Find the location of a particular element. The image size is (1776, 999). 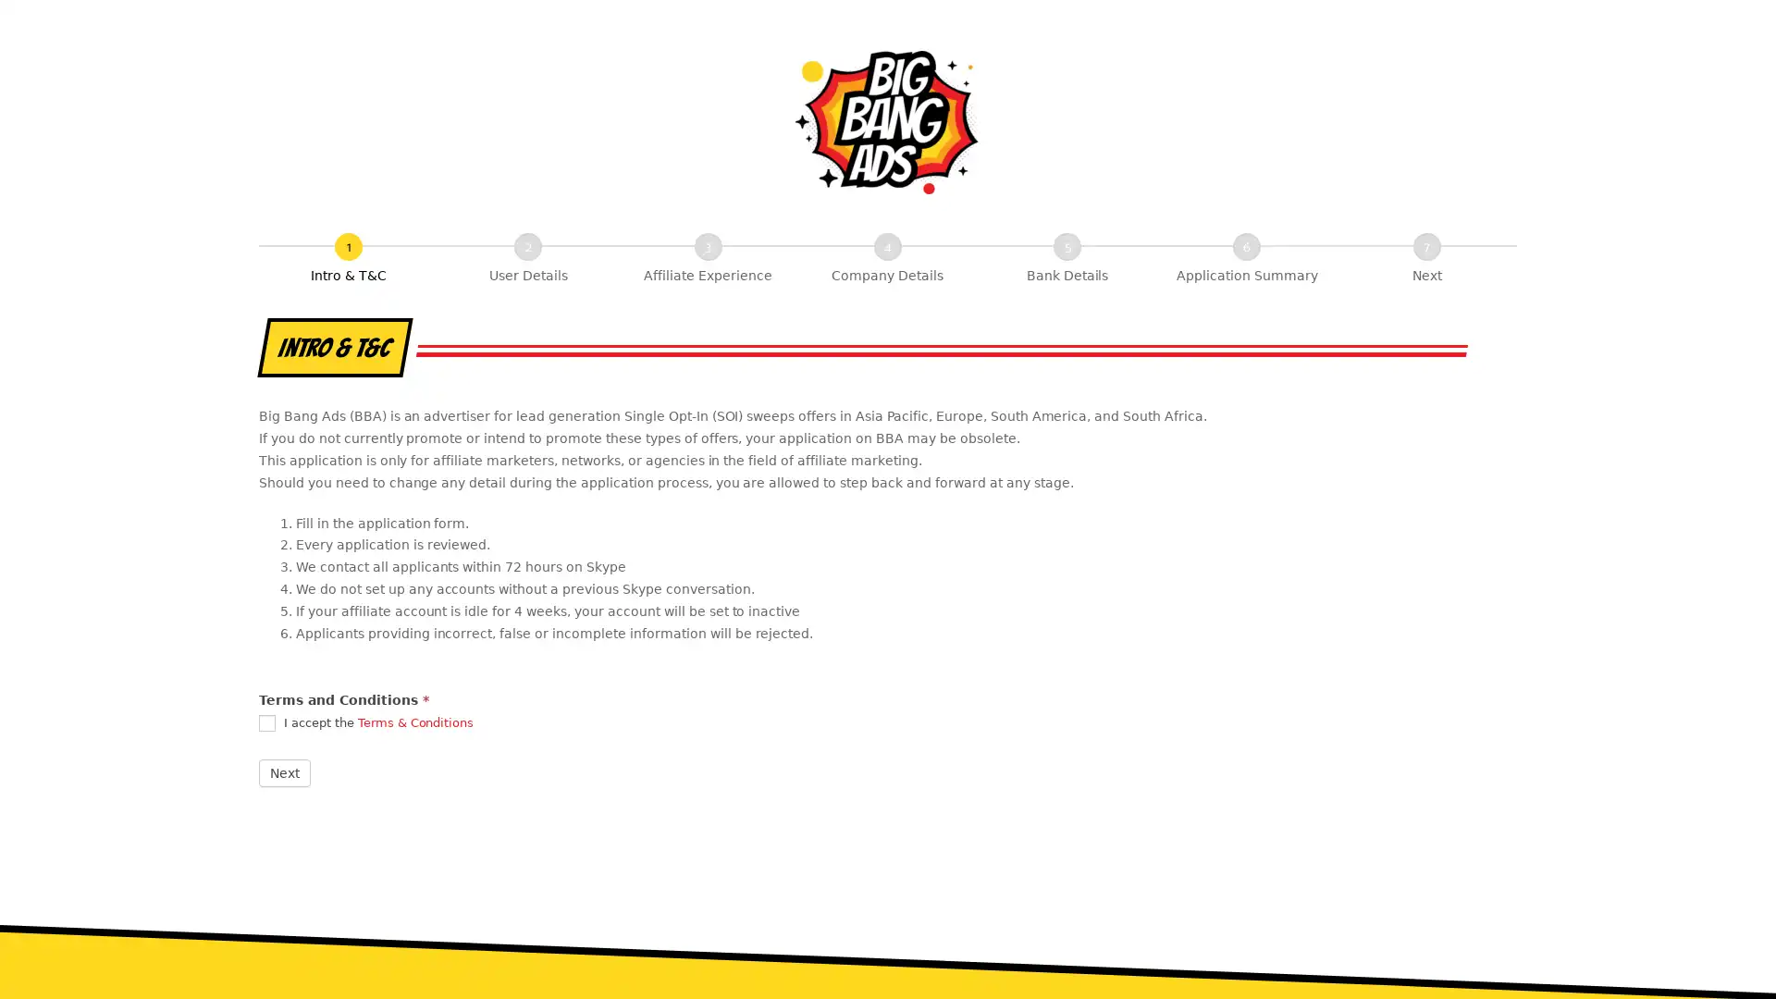

Application Summary is located at coordinates (1247, 245).